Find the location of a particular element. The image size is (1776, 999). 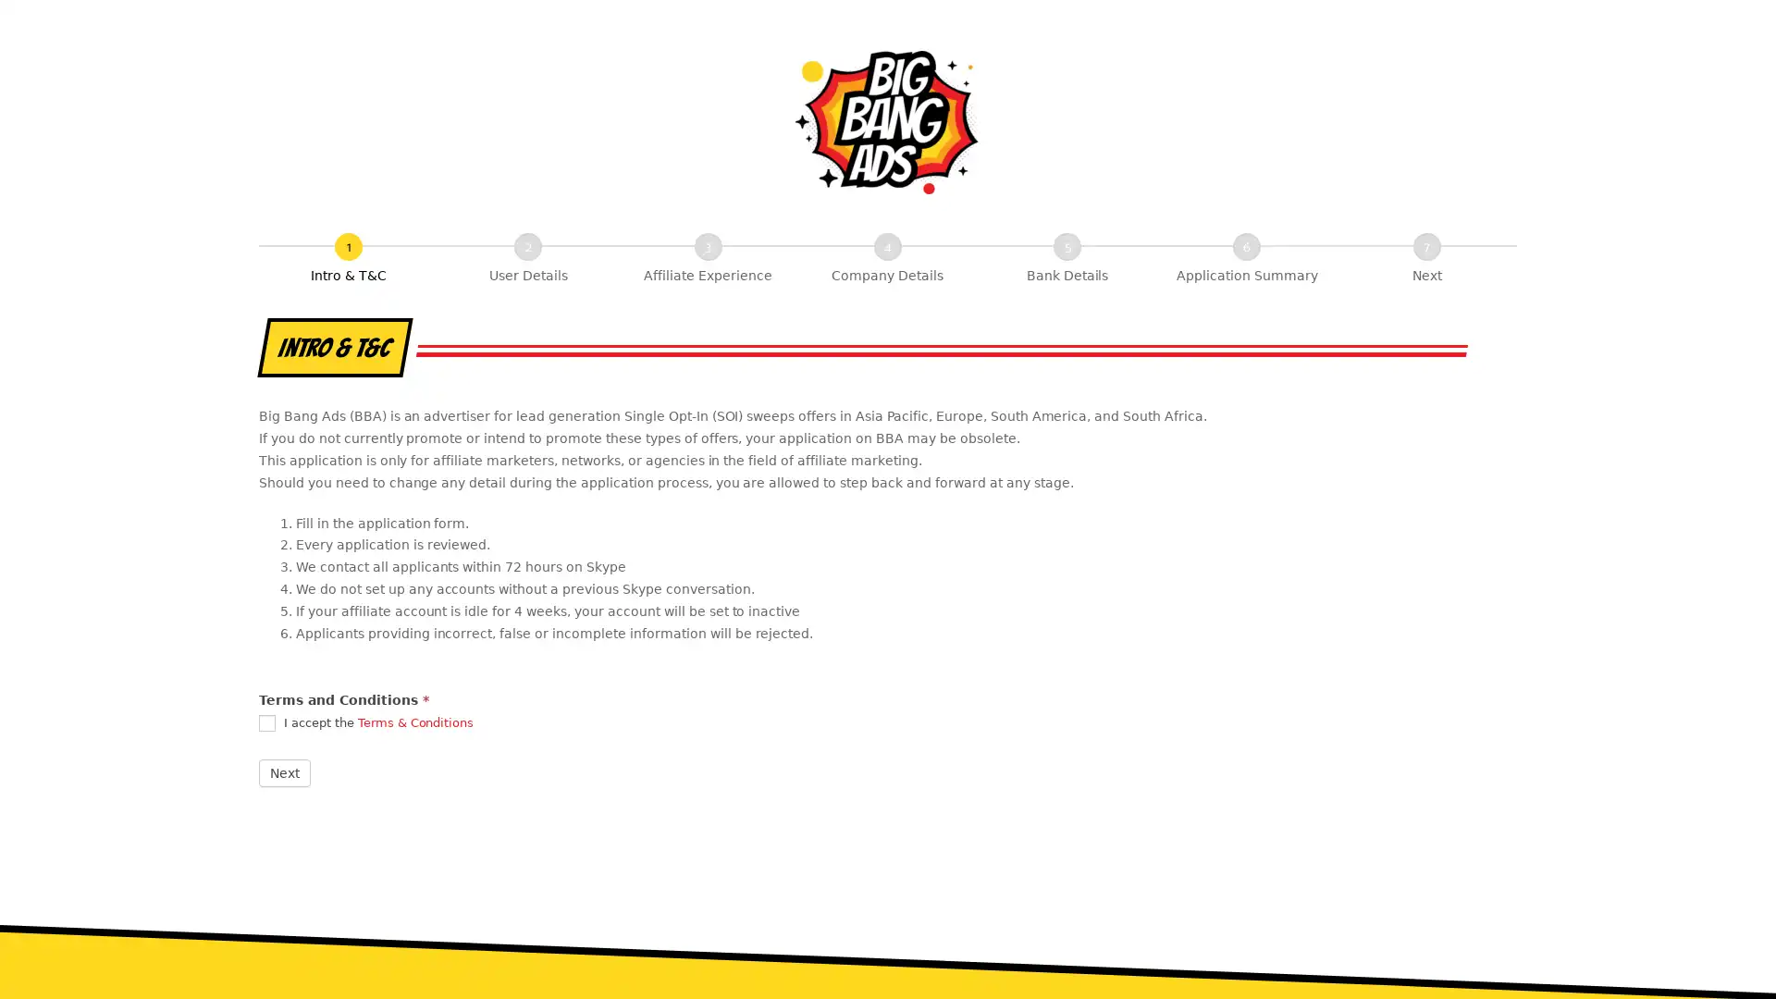

Application Summary is located at coordinates (1247, 245).